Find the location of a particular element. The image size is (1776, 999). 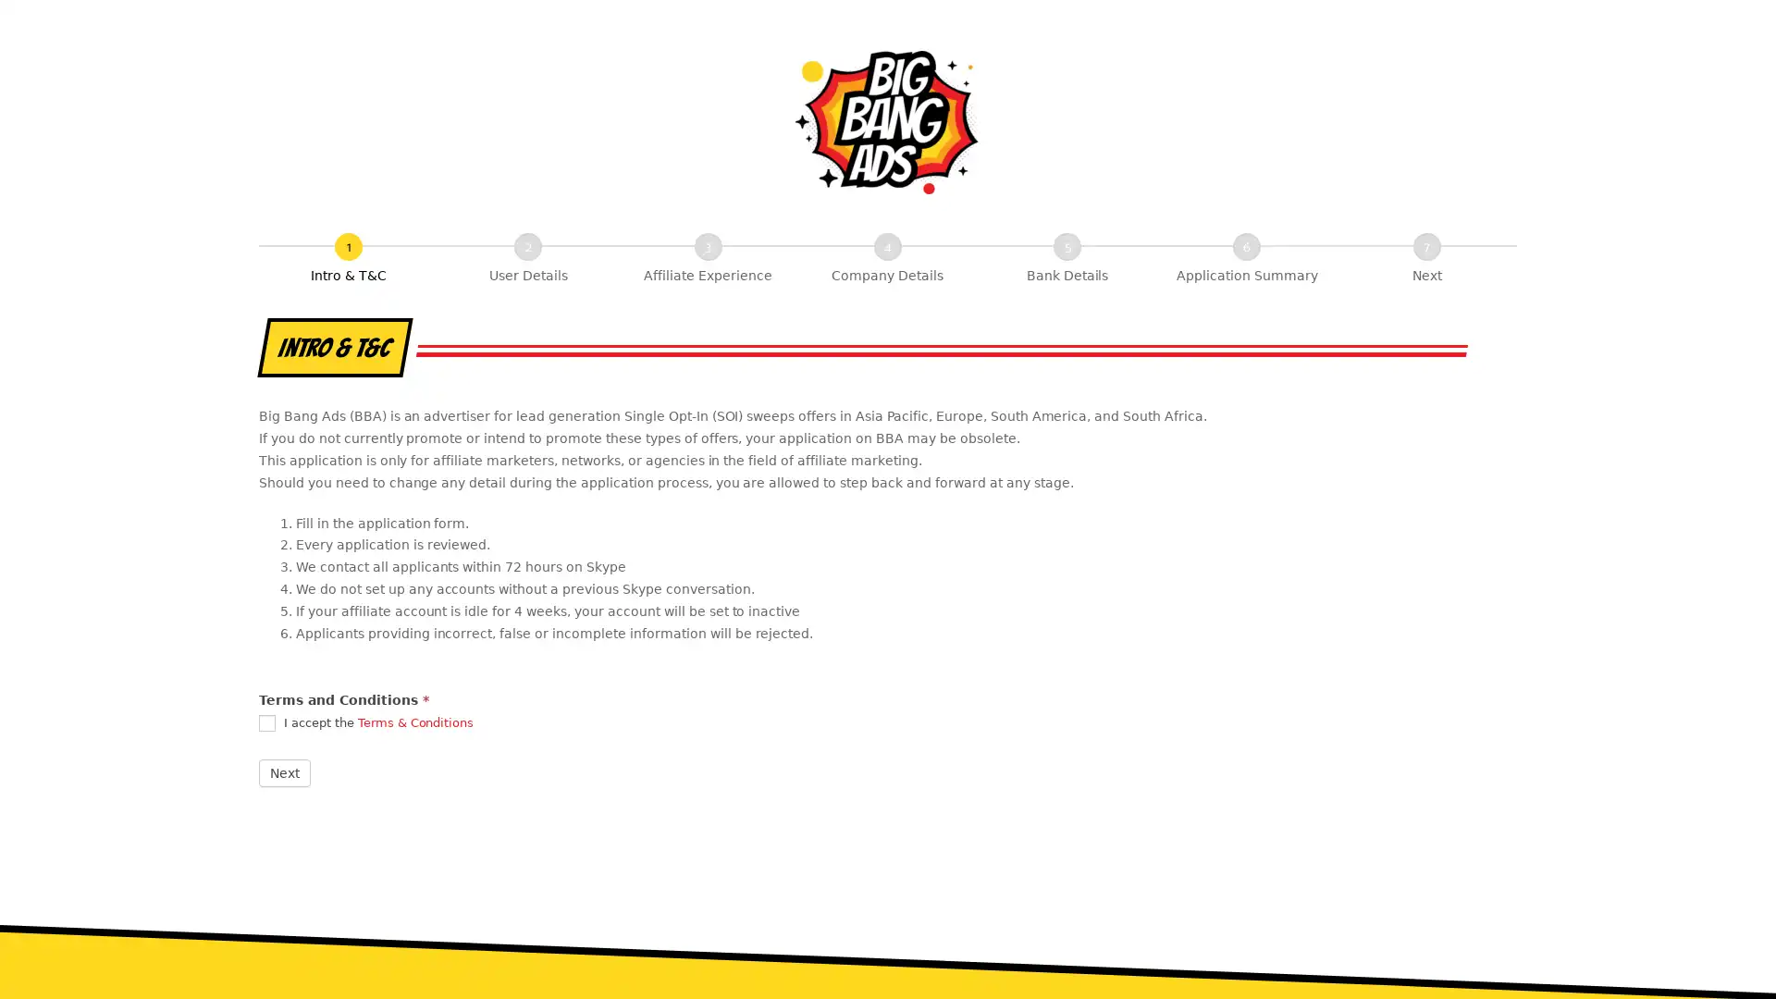

Application Summary is located at coordinates (1247, 245).